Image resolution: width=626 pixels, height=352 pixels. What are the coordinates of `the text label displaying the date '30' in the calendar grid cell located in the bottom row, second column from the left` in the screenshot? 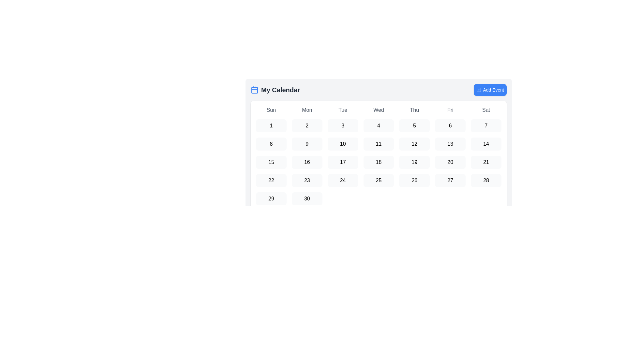 It's located at (306, 198).